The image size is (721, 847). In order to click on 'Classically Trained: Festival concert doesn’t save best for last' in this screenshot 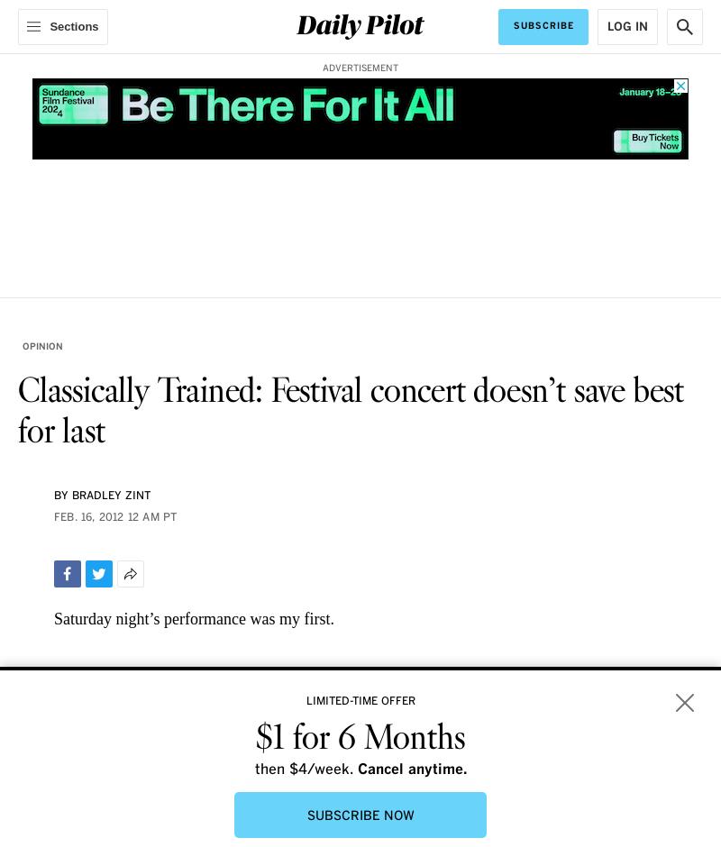, I will do `click(350, 412)`.